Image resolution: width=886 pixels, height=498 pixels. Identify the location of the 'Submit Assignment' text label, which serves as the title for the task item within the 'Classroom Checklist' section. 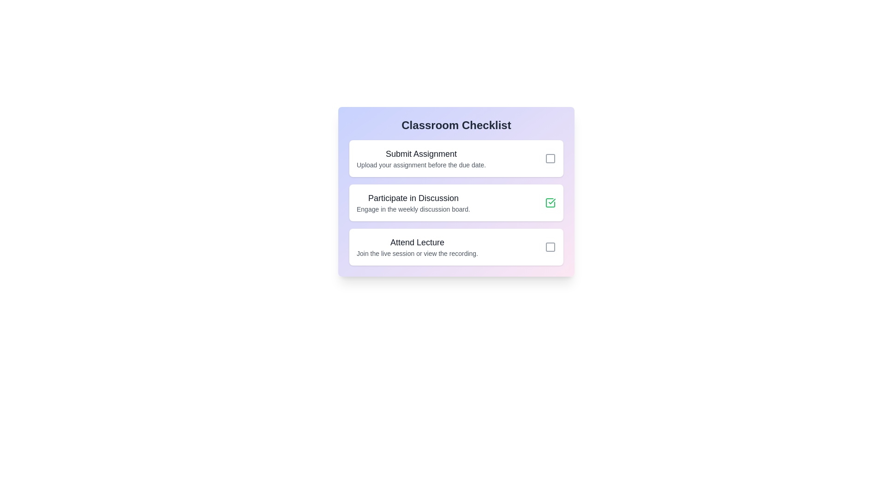
(421, 154).